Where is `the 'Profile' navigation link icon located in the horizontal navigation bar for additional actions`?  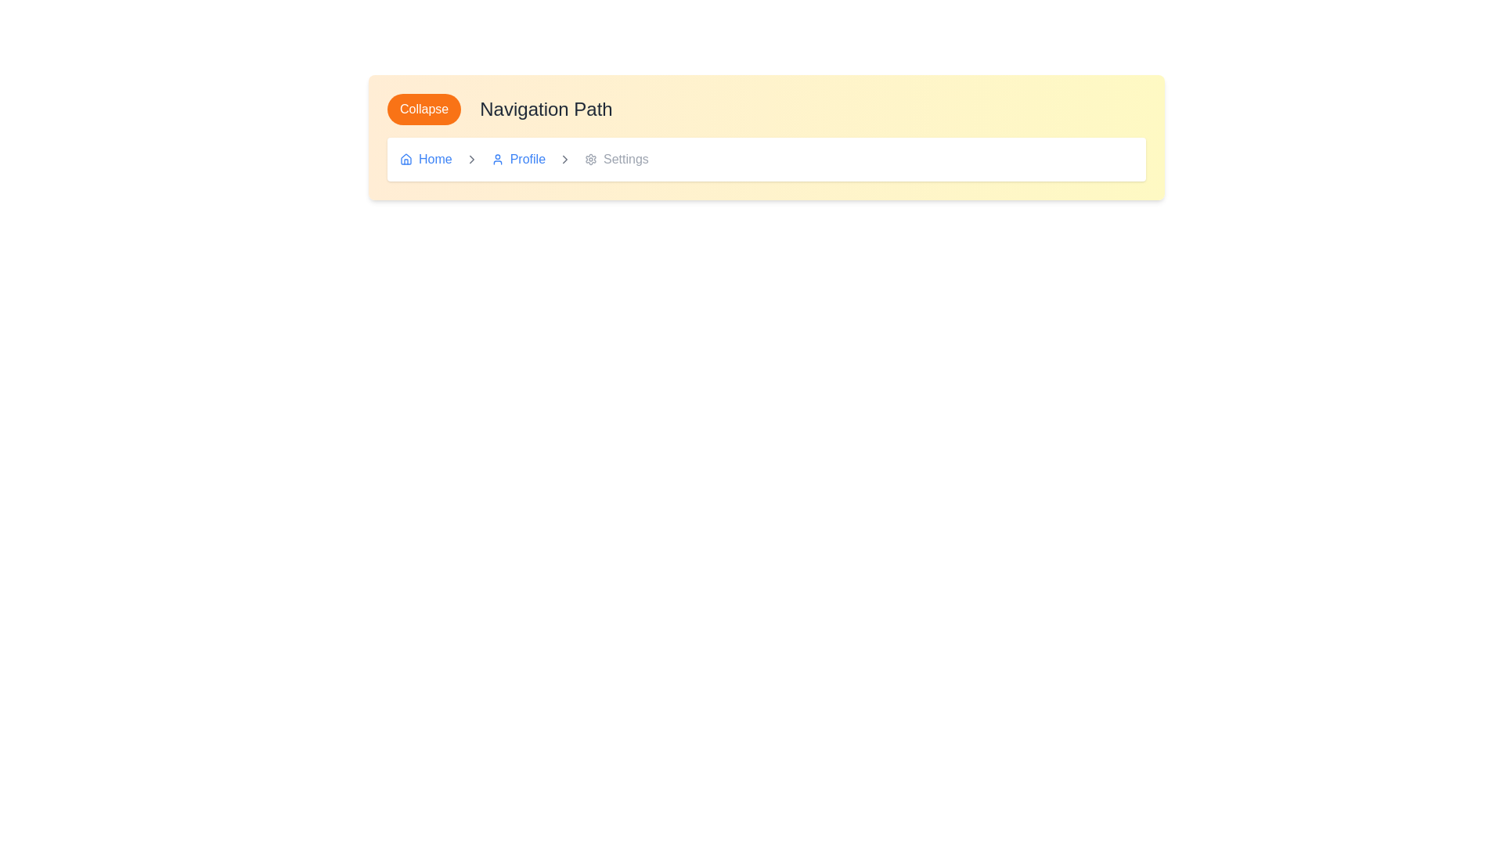
the 'Profile' navigation link icon located in the horizontal navigation bar for additional actions is located at coordinates (518, 160).